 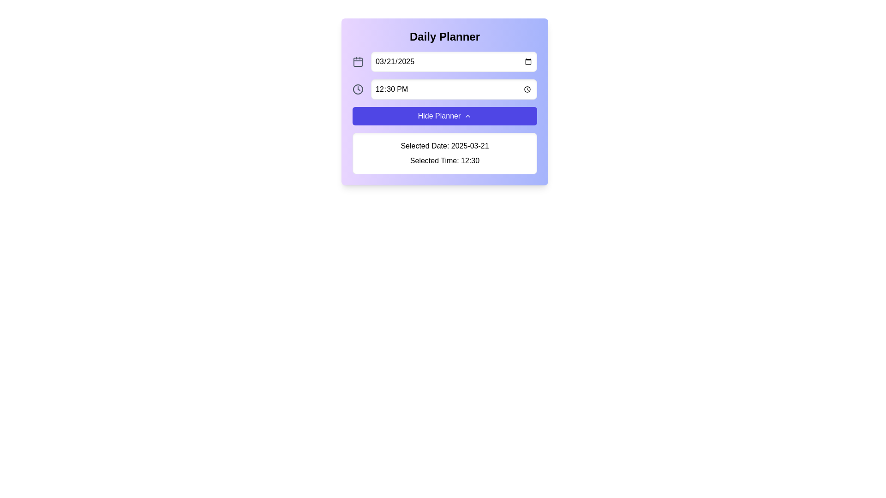 I want to click on the Date input field in the Daily Planner interface to type a date, so click(x=454, y=62).